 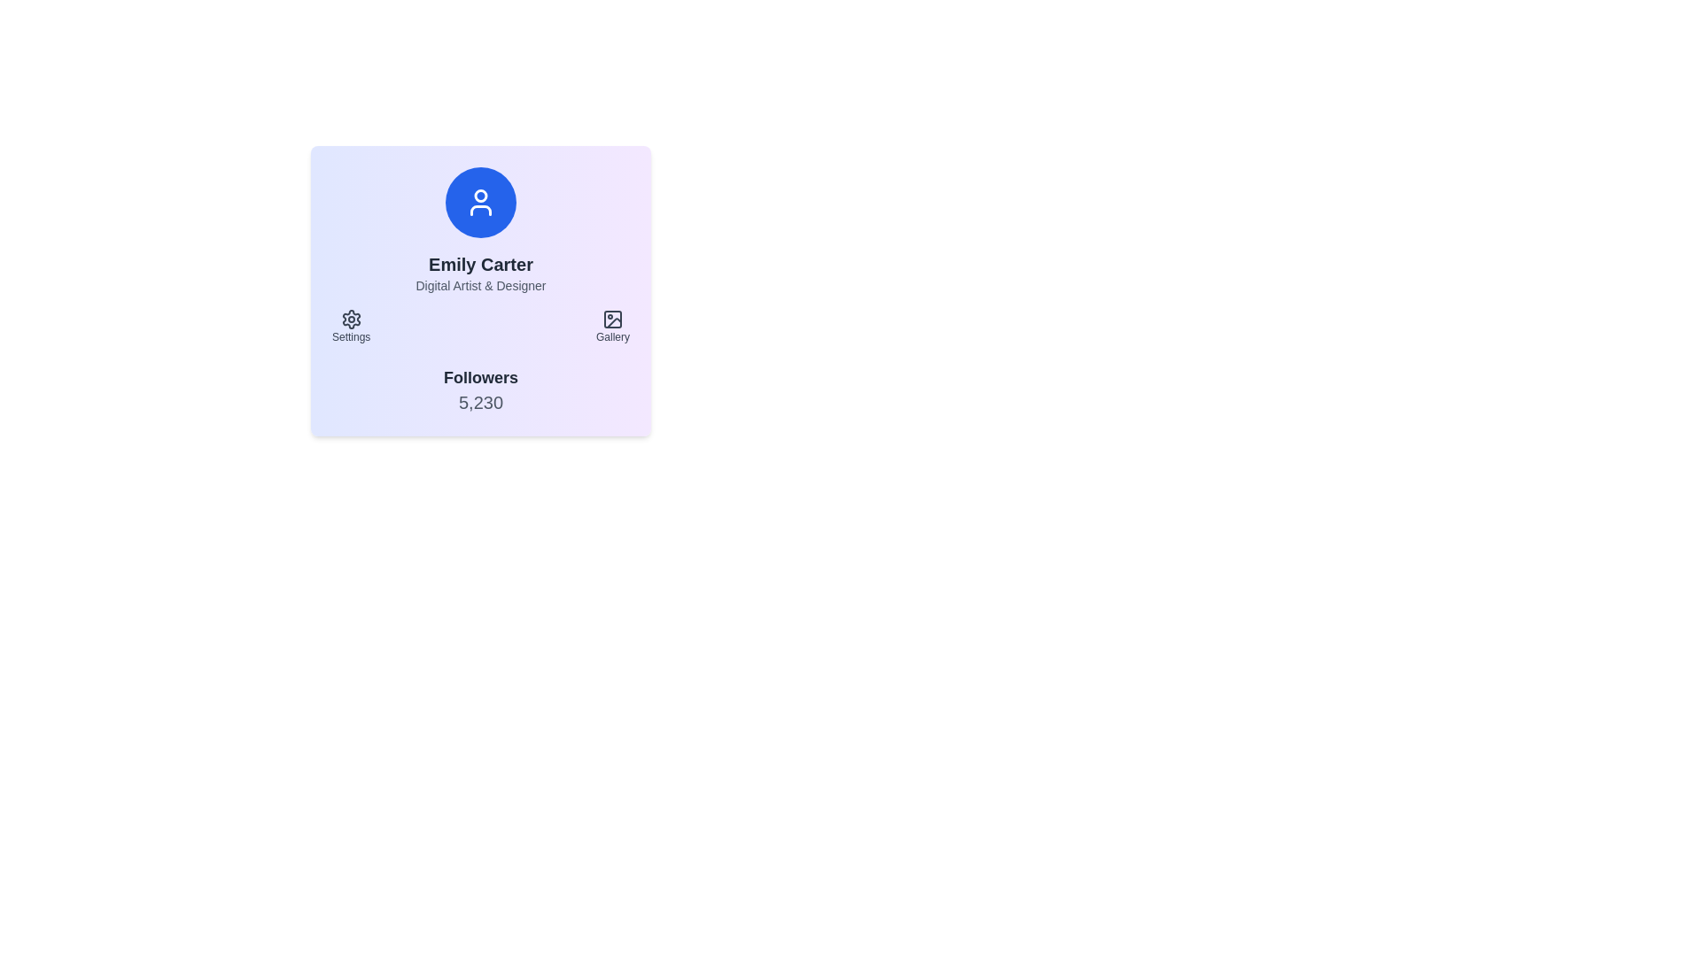 I want to click on the static text label that displays 'Followers', which is positioned above the number '5,230' in the user profile section, so click(x=480, y=377).